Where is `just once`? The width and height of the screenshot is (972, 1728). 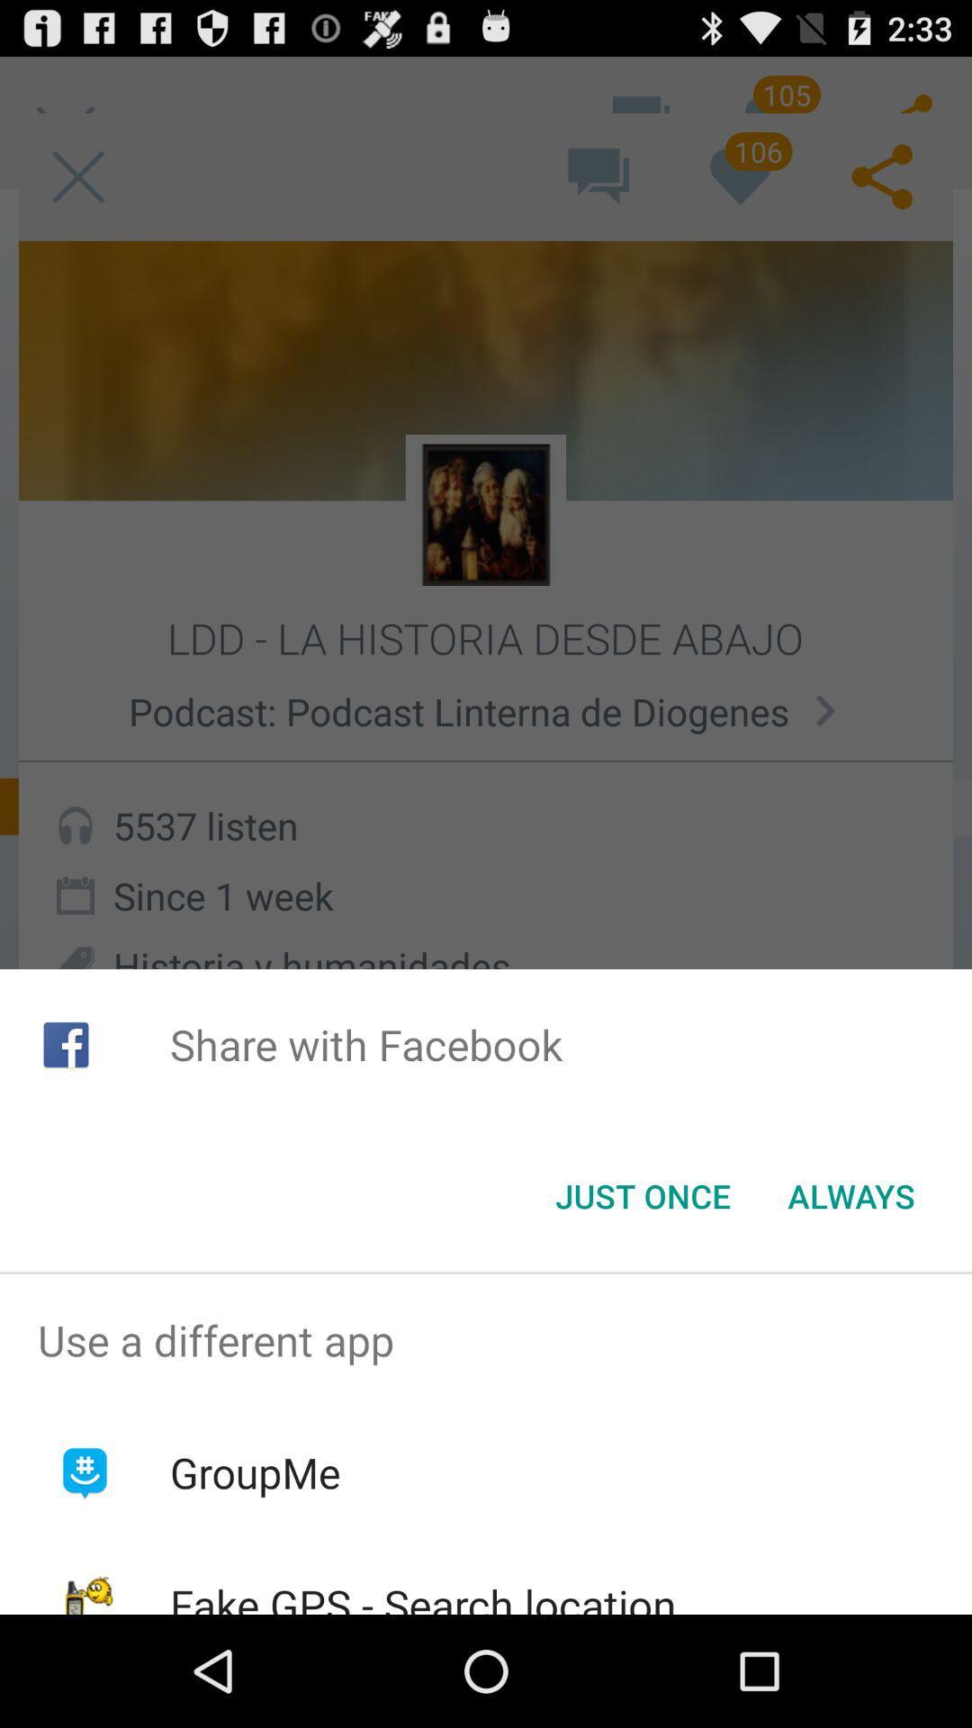 just once is located at coordinates (642, 1196).